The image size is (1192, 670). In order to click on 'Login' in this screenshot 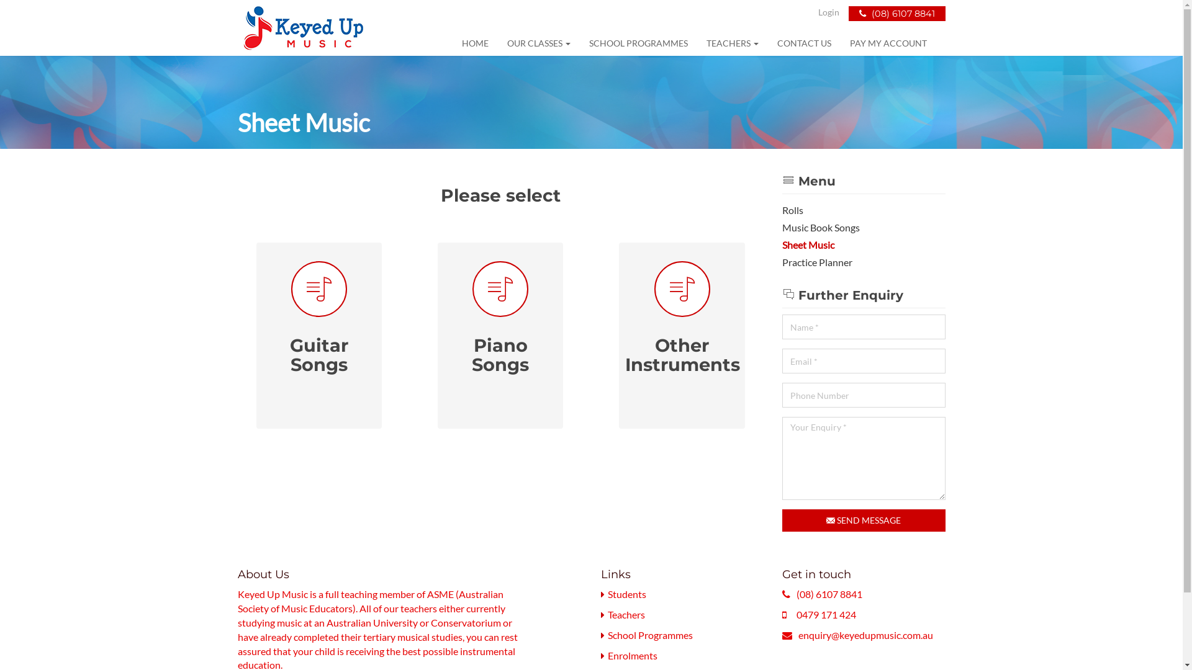, I will do `click(828, 12)`.